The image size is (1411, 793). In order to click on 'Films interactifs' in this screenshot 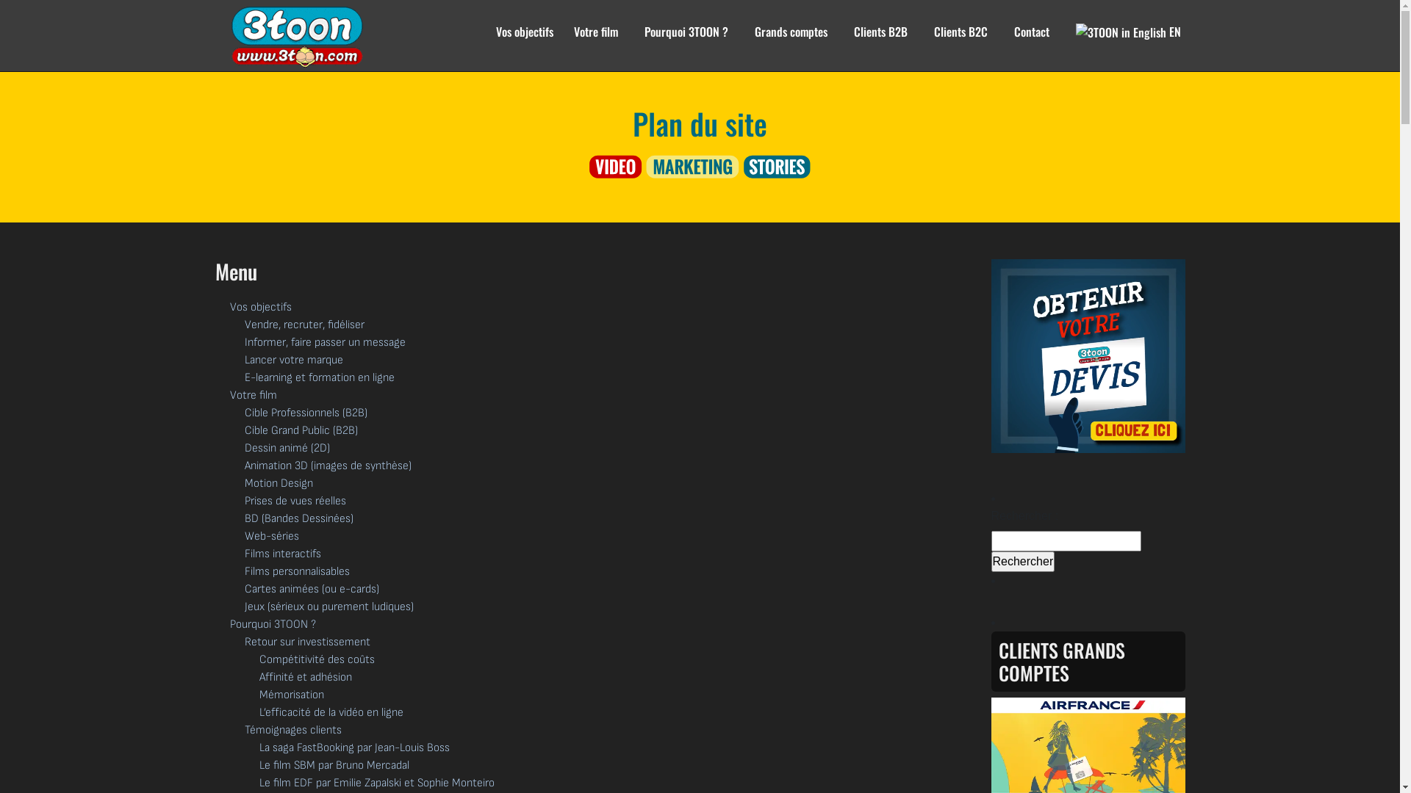, I will do `click(282, 554)`.